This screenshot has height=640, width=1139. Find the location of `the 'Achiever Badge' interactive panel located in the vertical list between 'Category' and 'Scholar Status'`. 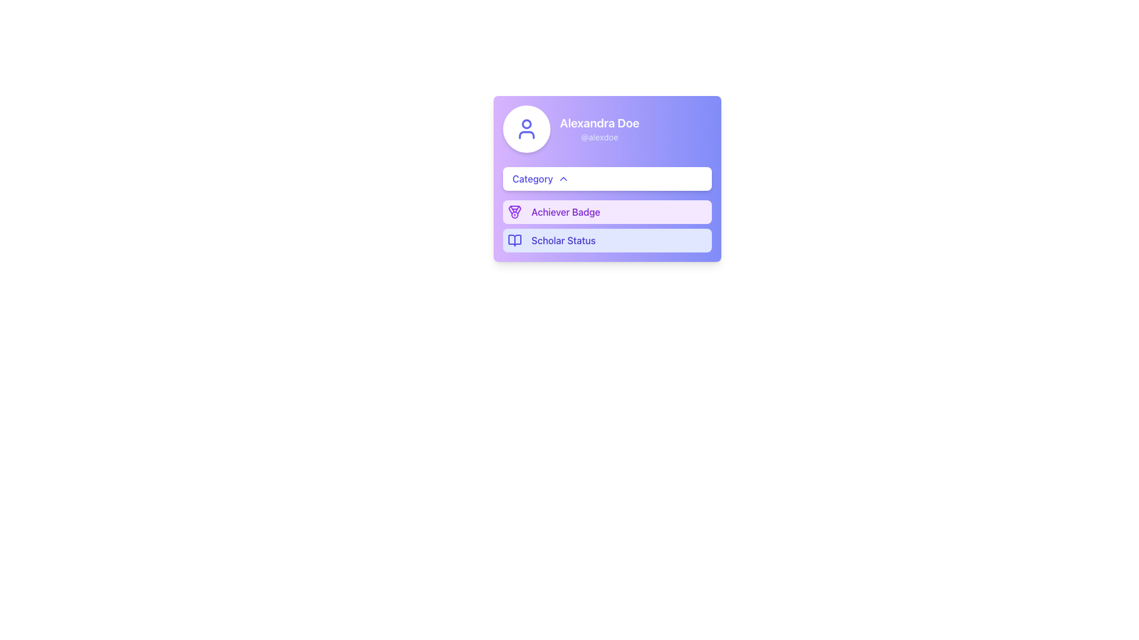

the 'Achiever Badge' interactive panel located in the vertical list between 'Category' and 'Scholar Status' is located at coordinates (607, 209).